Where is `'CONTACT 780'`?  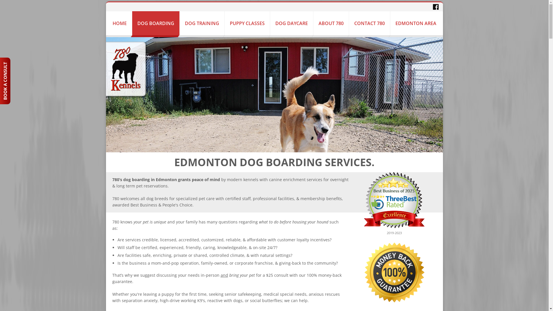
'CONTACT 780' is located at coordinates (369, 23).